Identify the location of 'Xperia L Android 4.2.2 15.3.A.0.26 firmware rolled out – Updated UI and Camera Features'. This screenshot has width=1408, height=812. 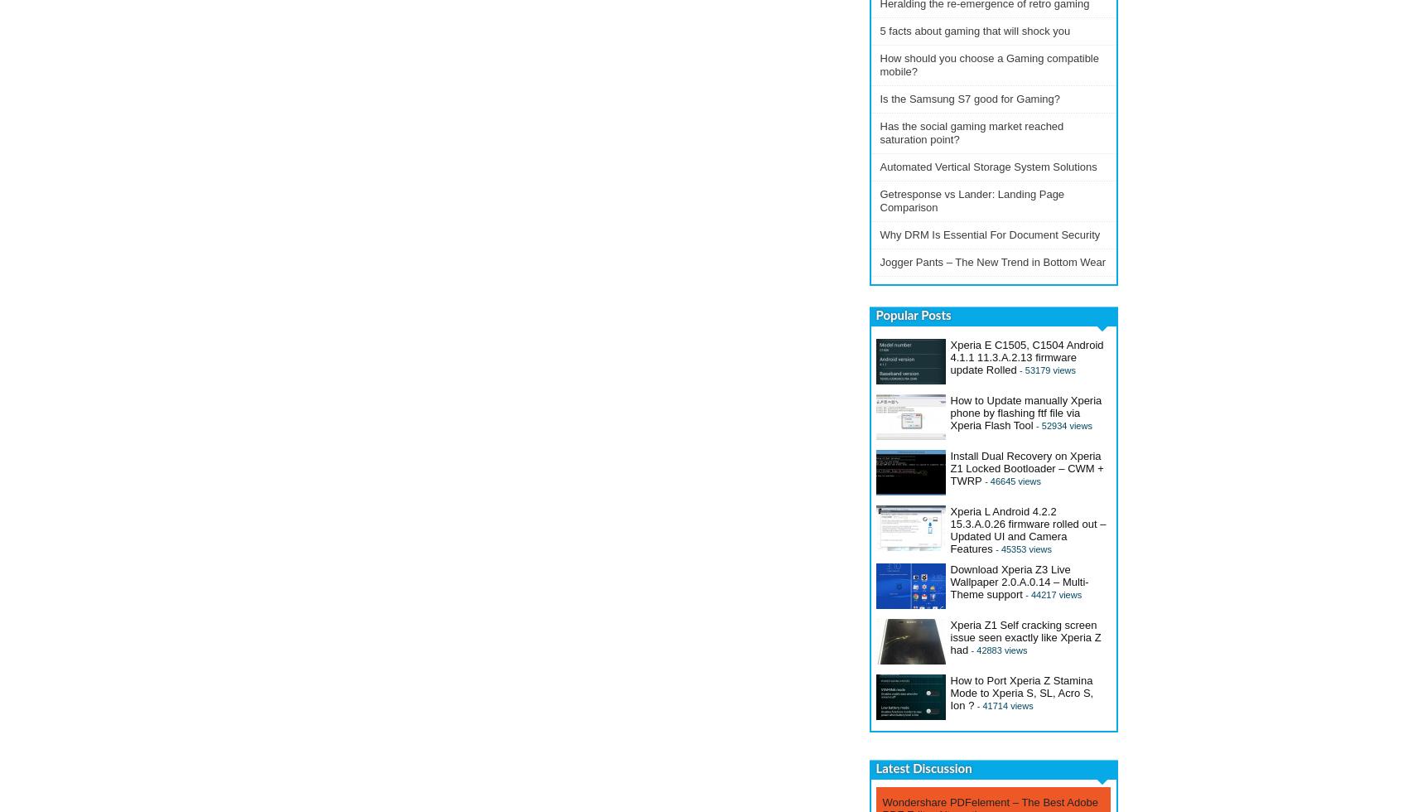
(1027, 530).